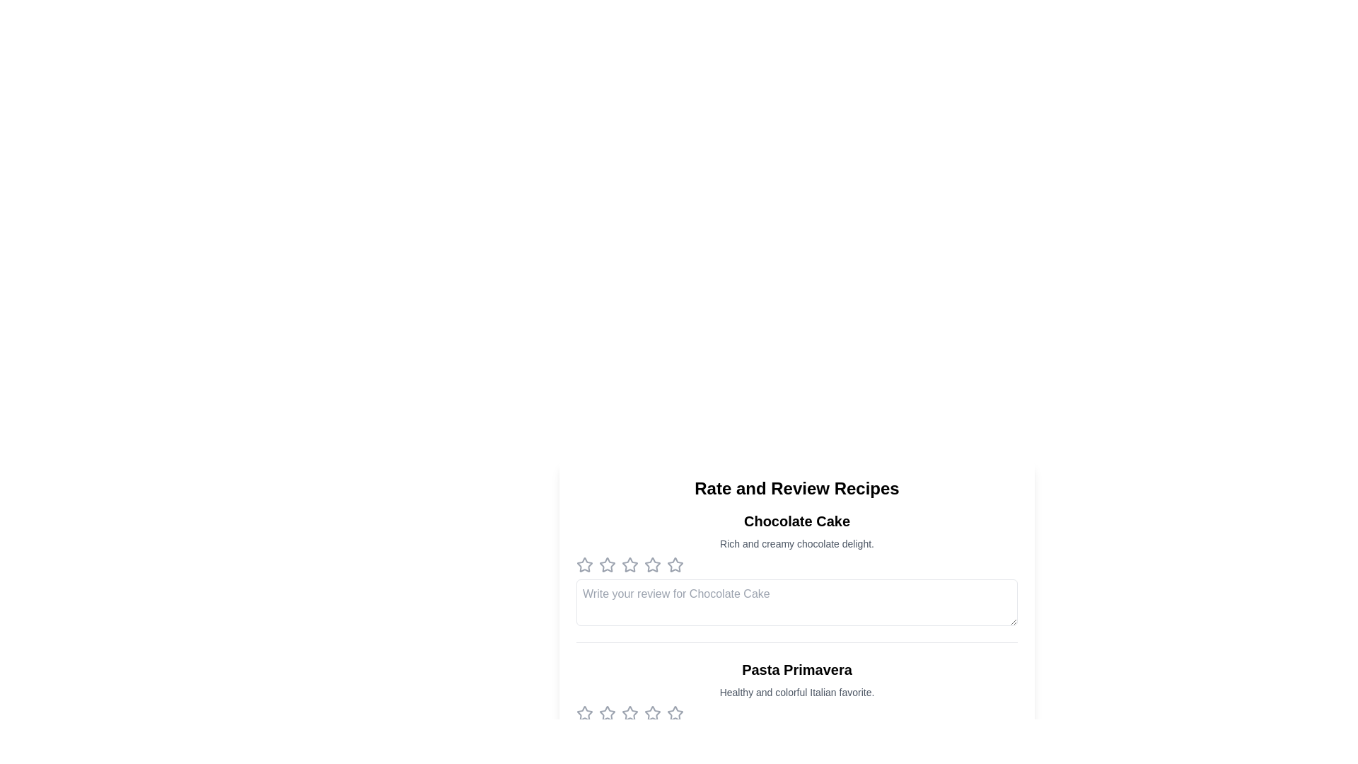 This screenshot has height=764, width=1358. What do you see at coordinates (797, 521) in the screenshot?
I see `the text label that serves as the title for the associated content, identifying the item as 'Chocolate Cake'` at bounding box center [797, 521].